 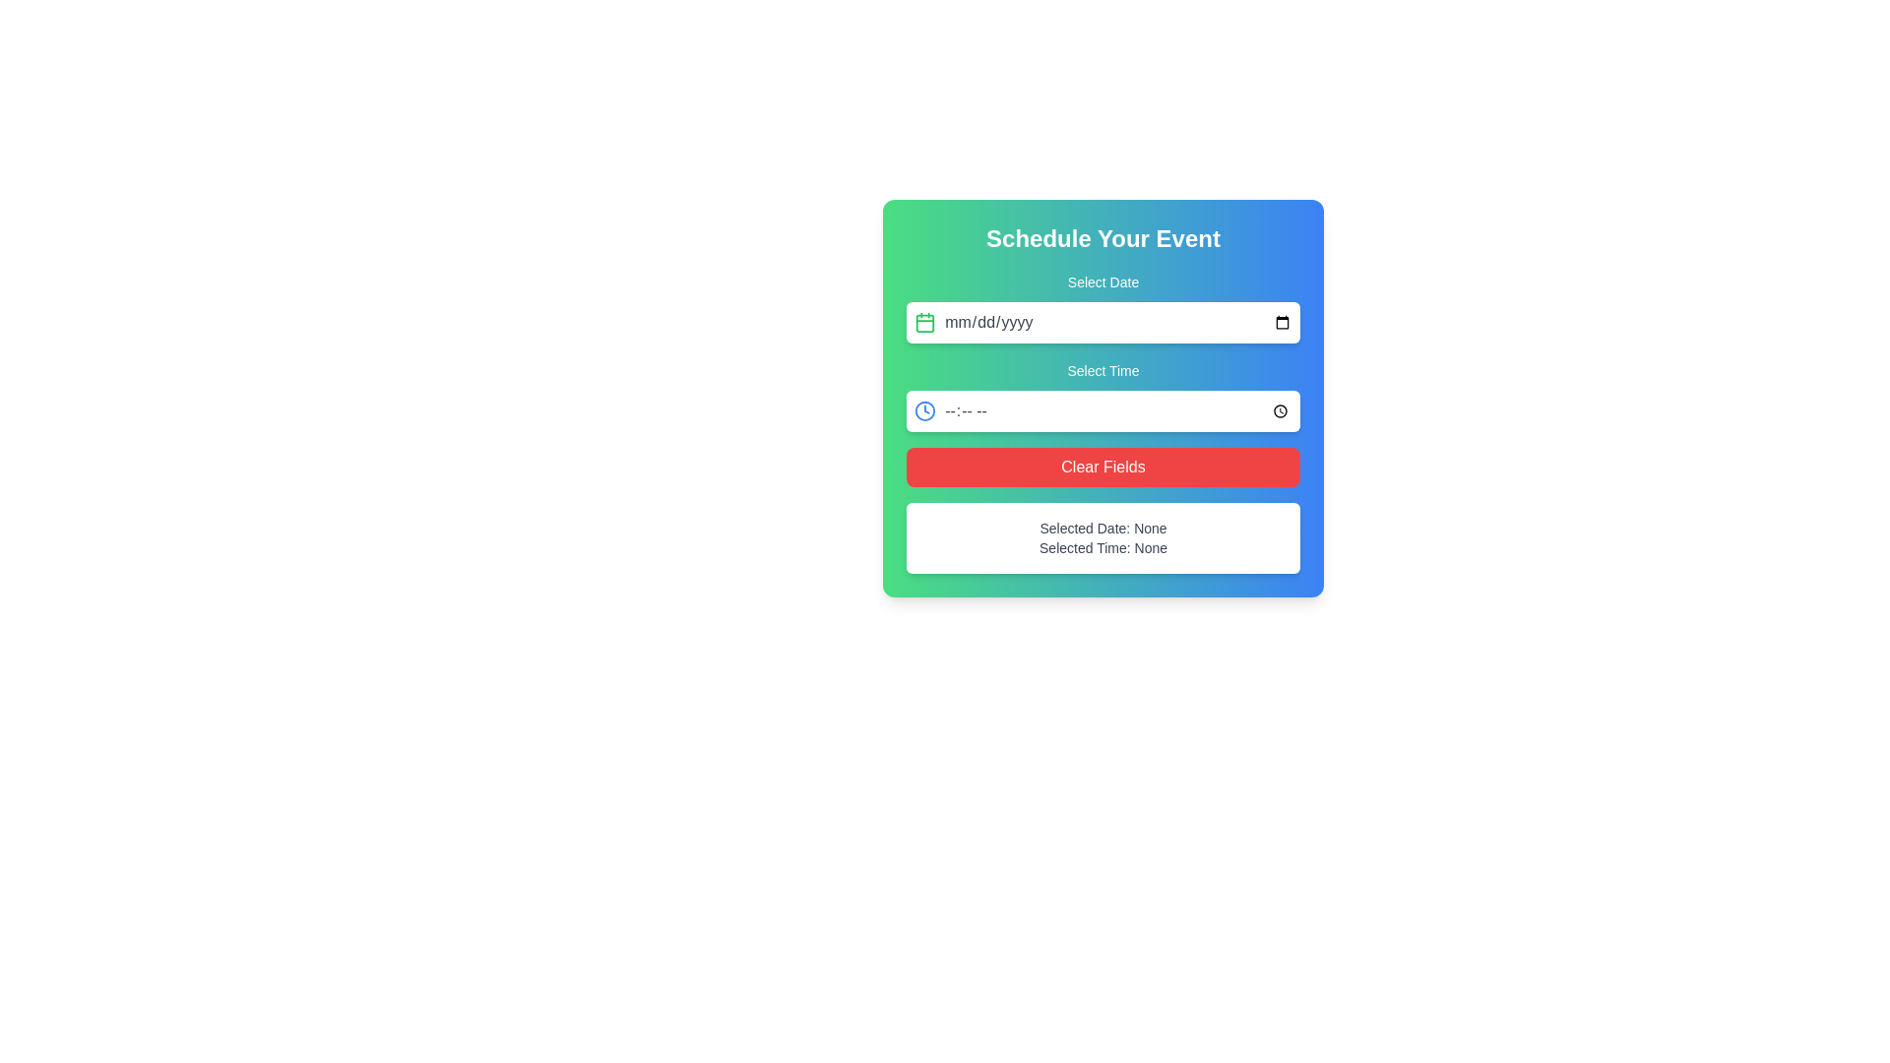 I want to click on the time selection input field below the 'Select Date' section, so click(x=1103, y=395).